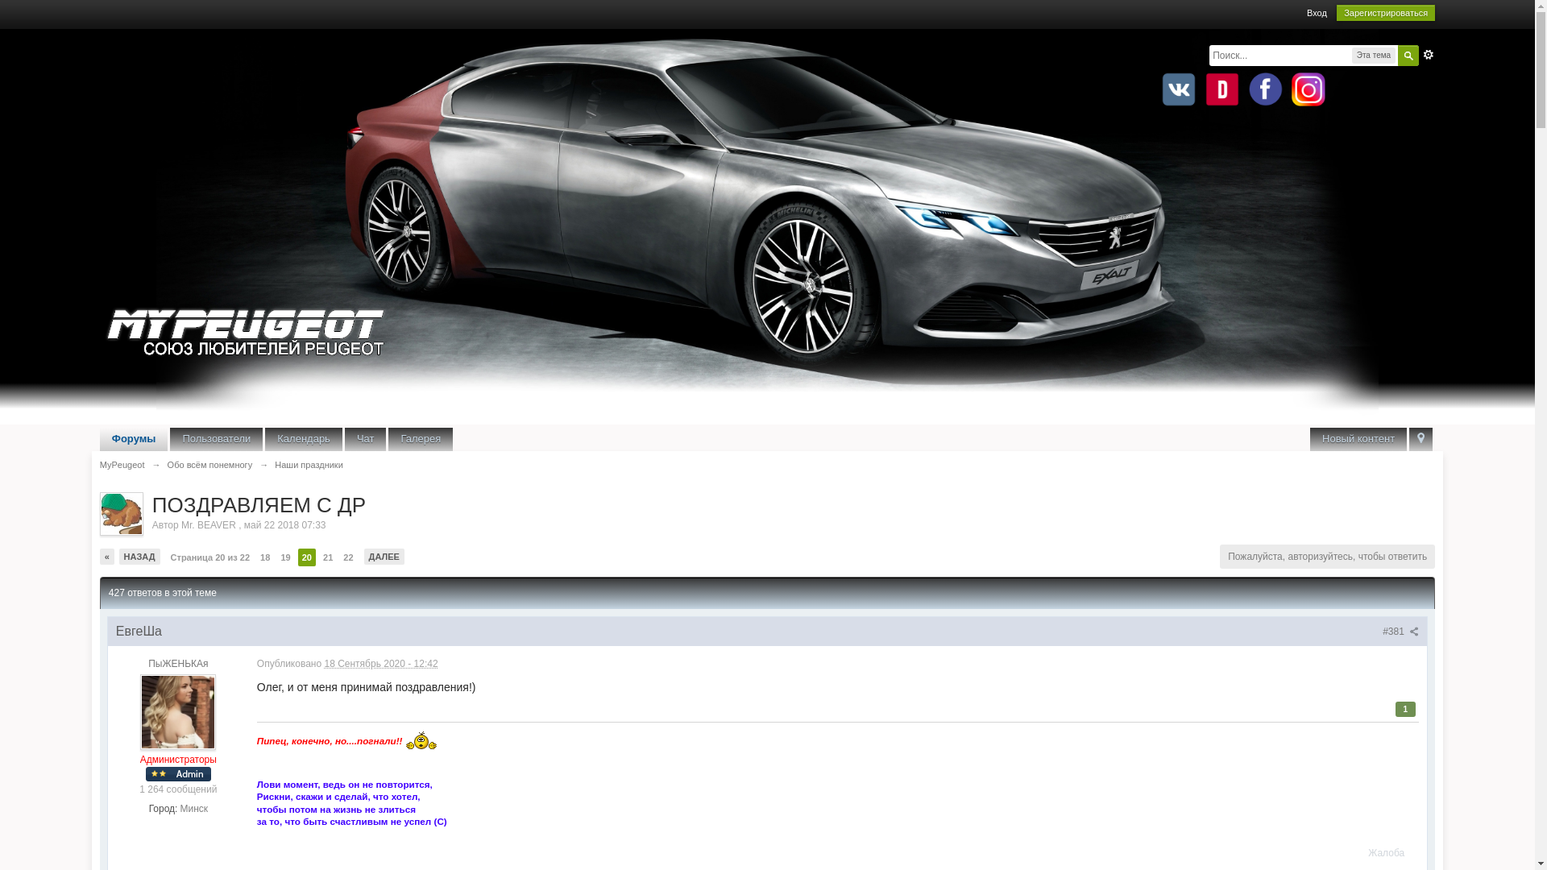 This screenshot has width=1547, height=870. What do you see at coordinates (265, 556) in the screenshot?
I see `'18'` at bounding box center [265, 556].